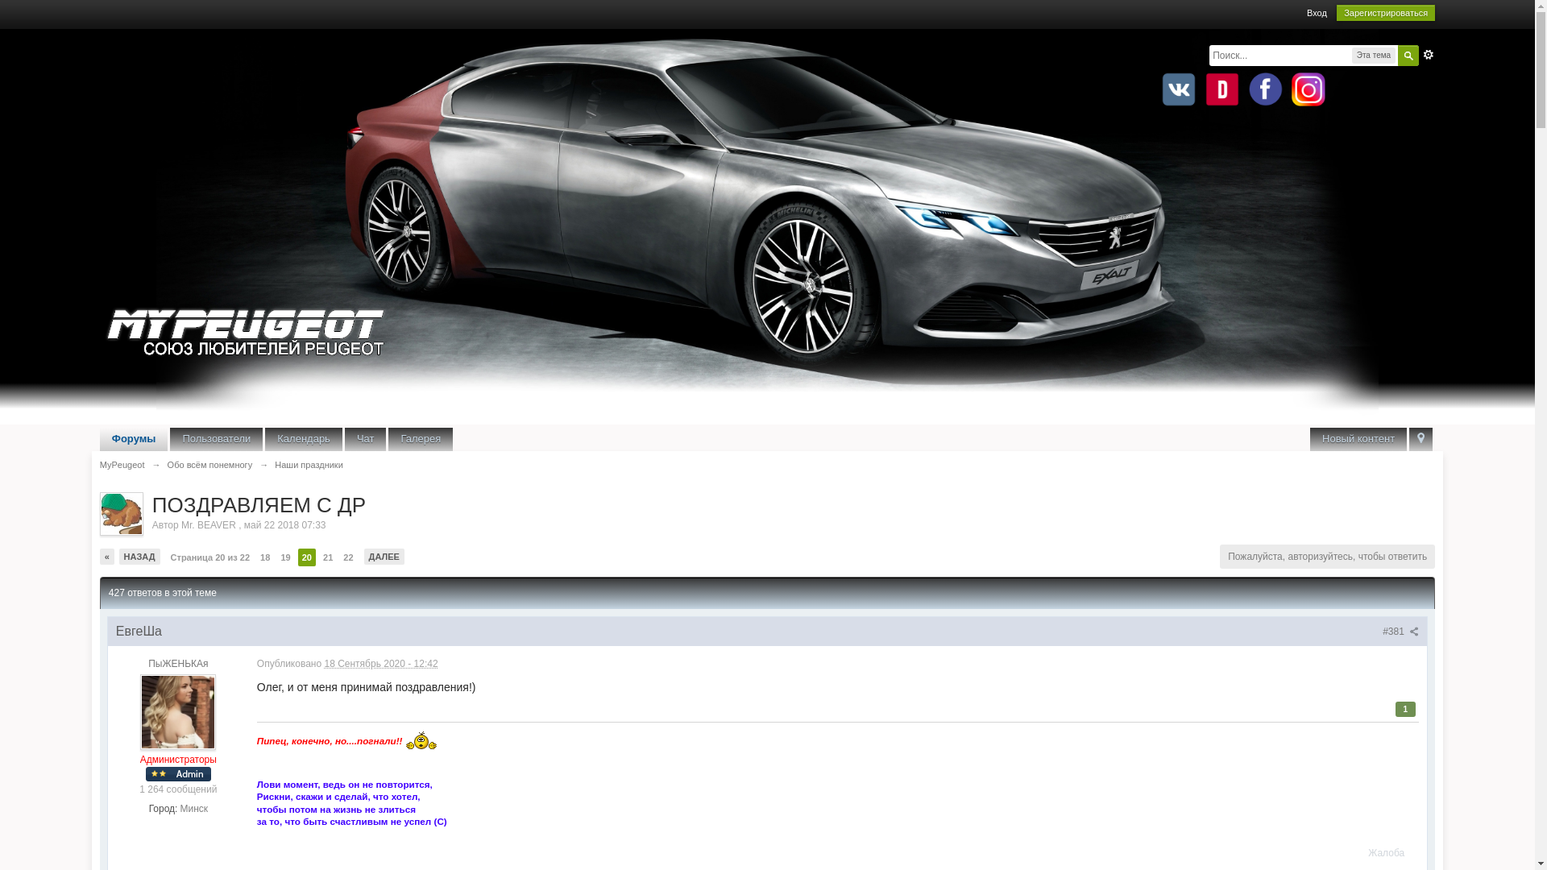 This screenshot has width=1547, height=870. What do you see at coordinates (265, 556) in the screenshot?
I see `'18'` at bounding box center [265, 556].